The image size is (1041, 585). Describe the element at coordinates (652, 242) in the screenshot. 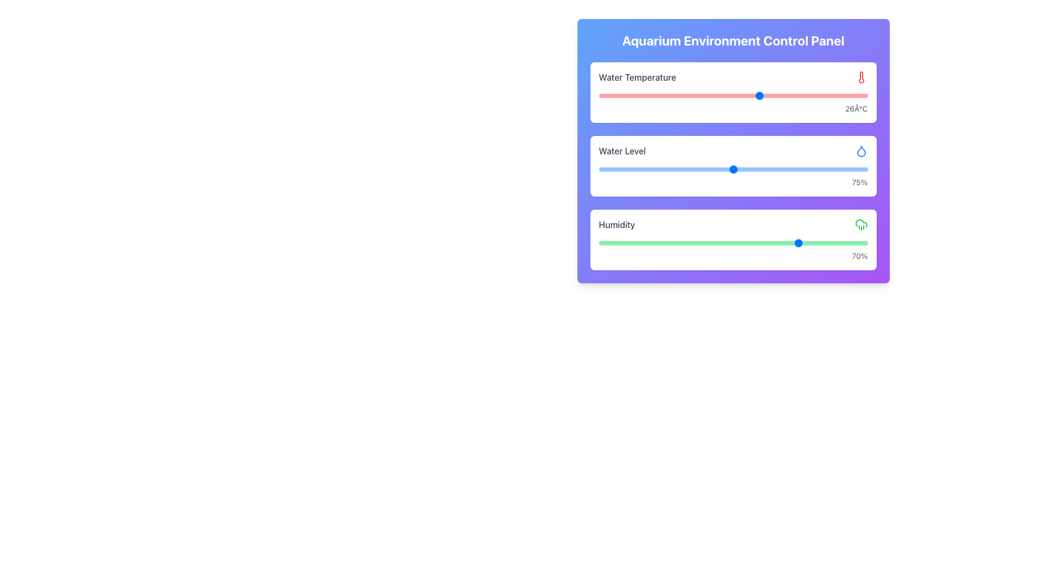

I see `the humidity` at that location.